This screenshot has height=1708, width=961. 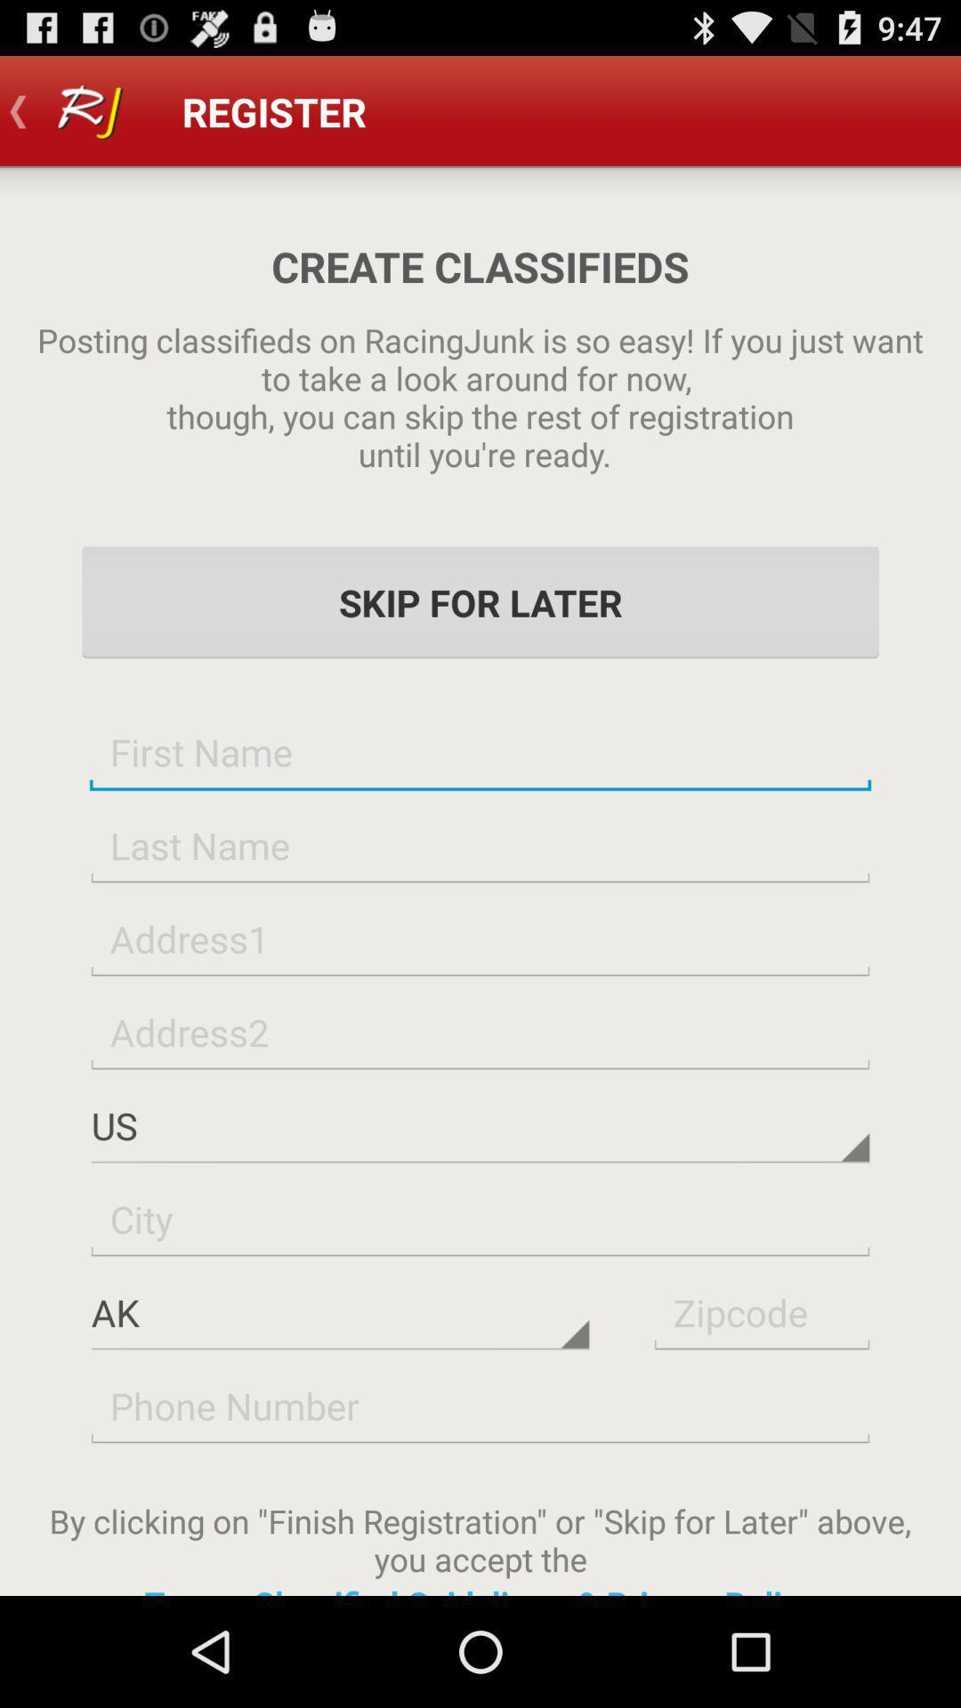 I want to click on zipcode fill box, so click(x=761, y=1312).